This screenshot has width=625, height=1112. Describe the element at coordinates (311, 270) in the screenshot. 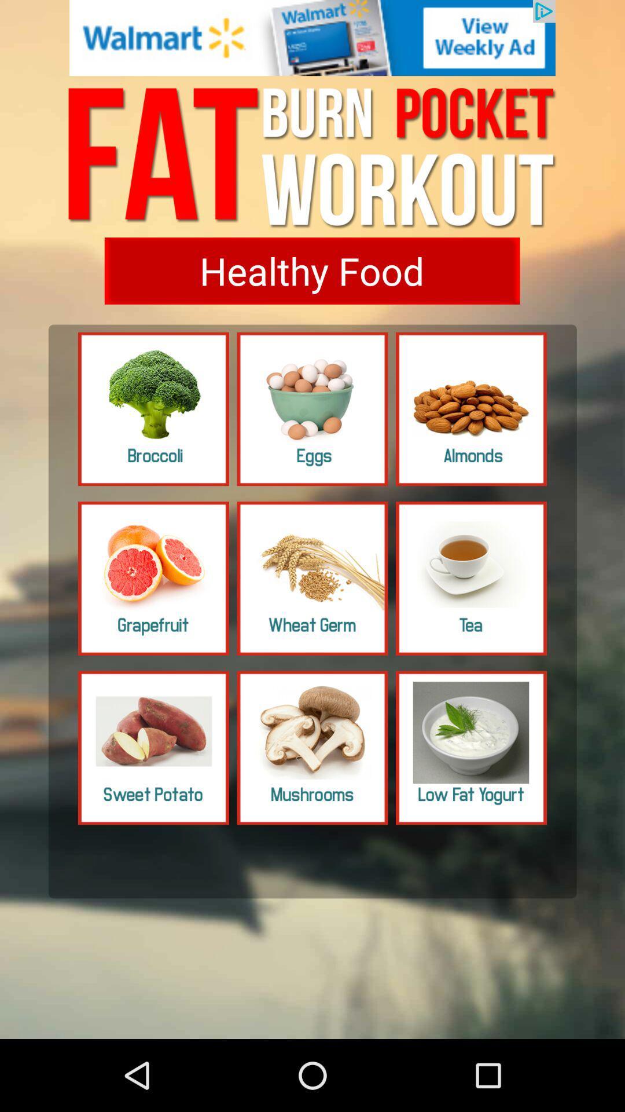

I see `healthy food button` at that location.